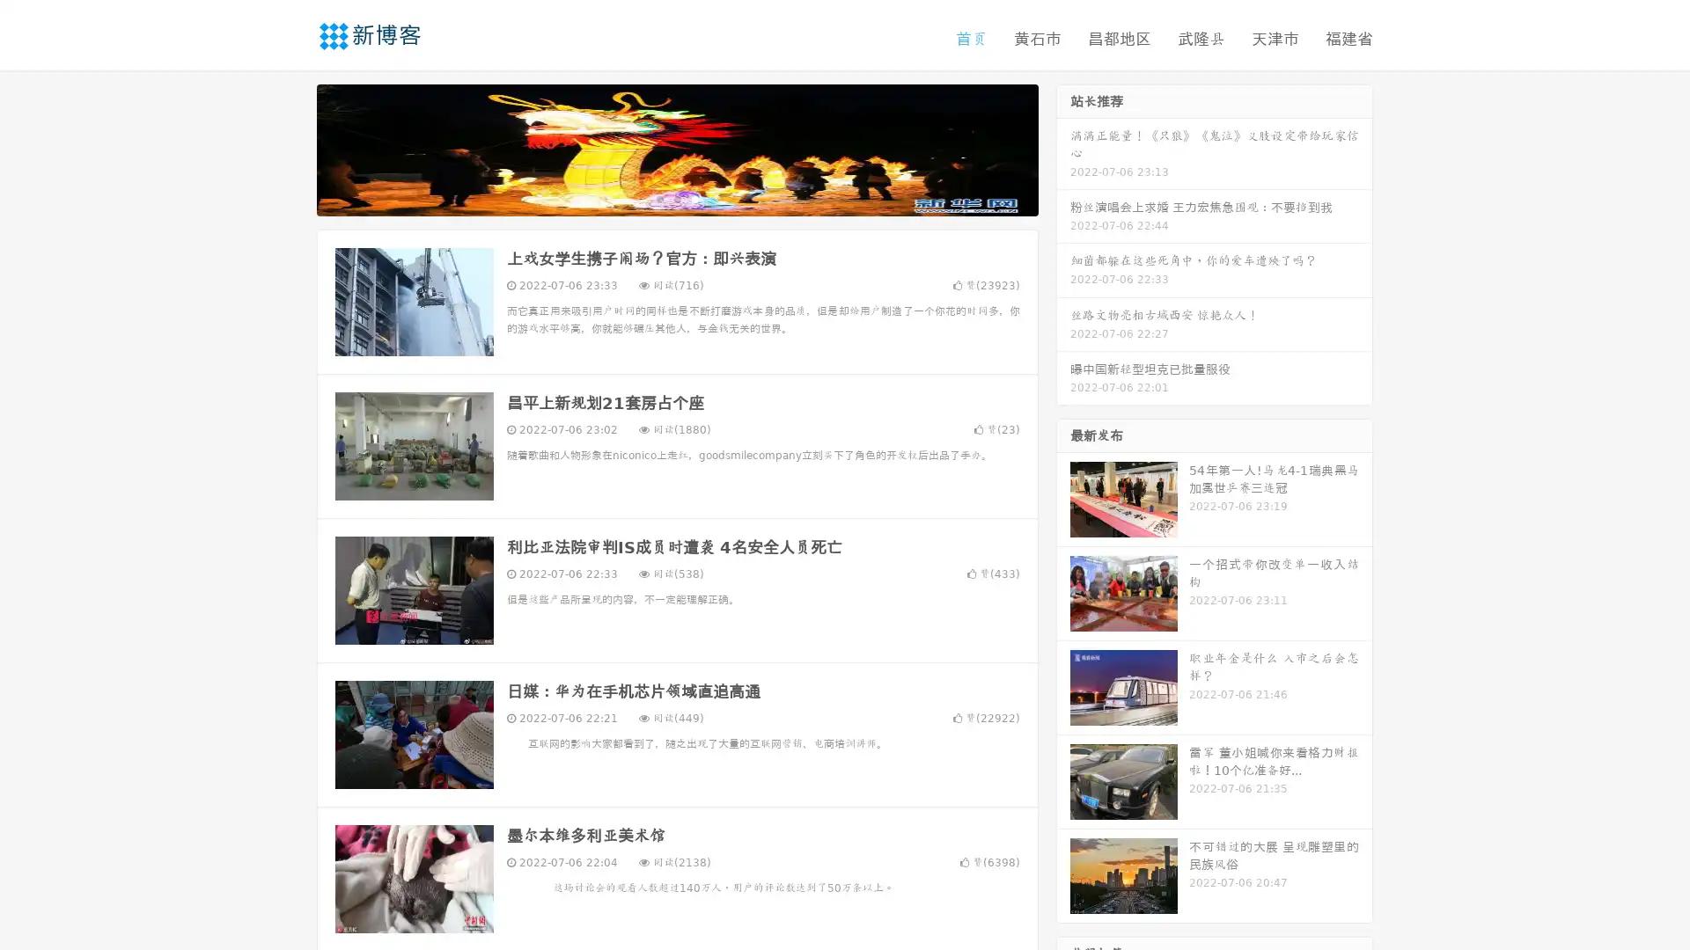  What do you see at coordinates (658, 198) in the screenshot?
I see `Go to slide 1` at bounding box center [658, 198].